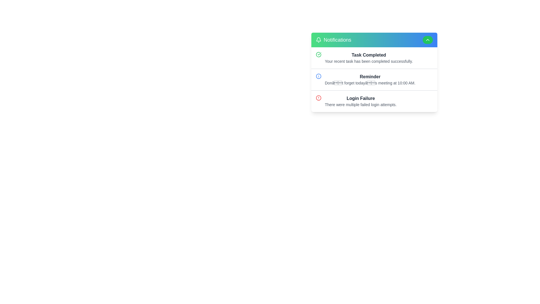 The image size is (540, 304). Describe the element at coordinates (318, 54) in the screenshot. I see `the green circular icon with a check mark inside, located next to the 'Task Completed' heading in the first row of the notification panel` at that location.